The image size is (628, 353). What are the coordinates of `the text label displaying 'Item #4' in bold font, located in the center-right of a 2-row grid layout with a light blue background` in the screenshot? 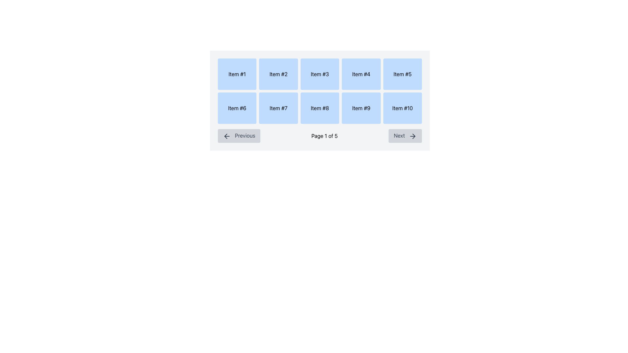 It's located at (361, 74).